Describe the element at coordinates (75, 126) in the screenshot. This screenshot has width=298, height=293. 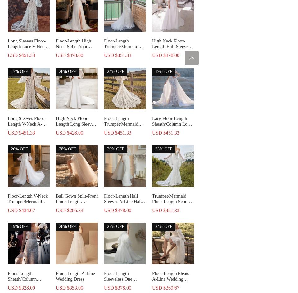
I see `'High Neck Floor-Length Long Sleeves Lace Hall Wedding Dress'` at that location.